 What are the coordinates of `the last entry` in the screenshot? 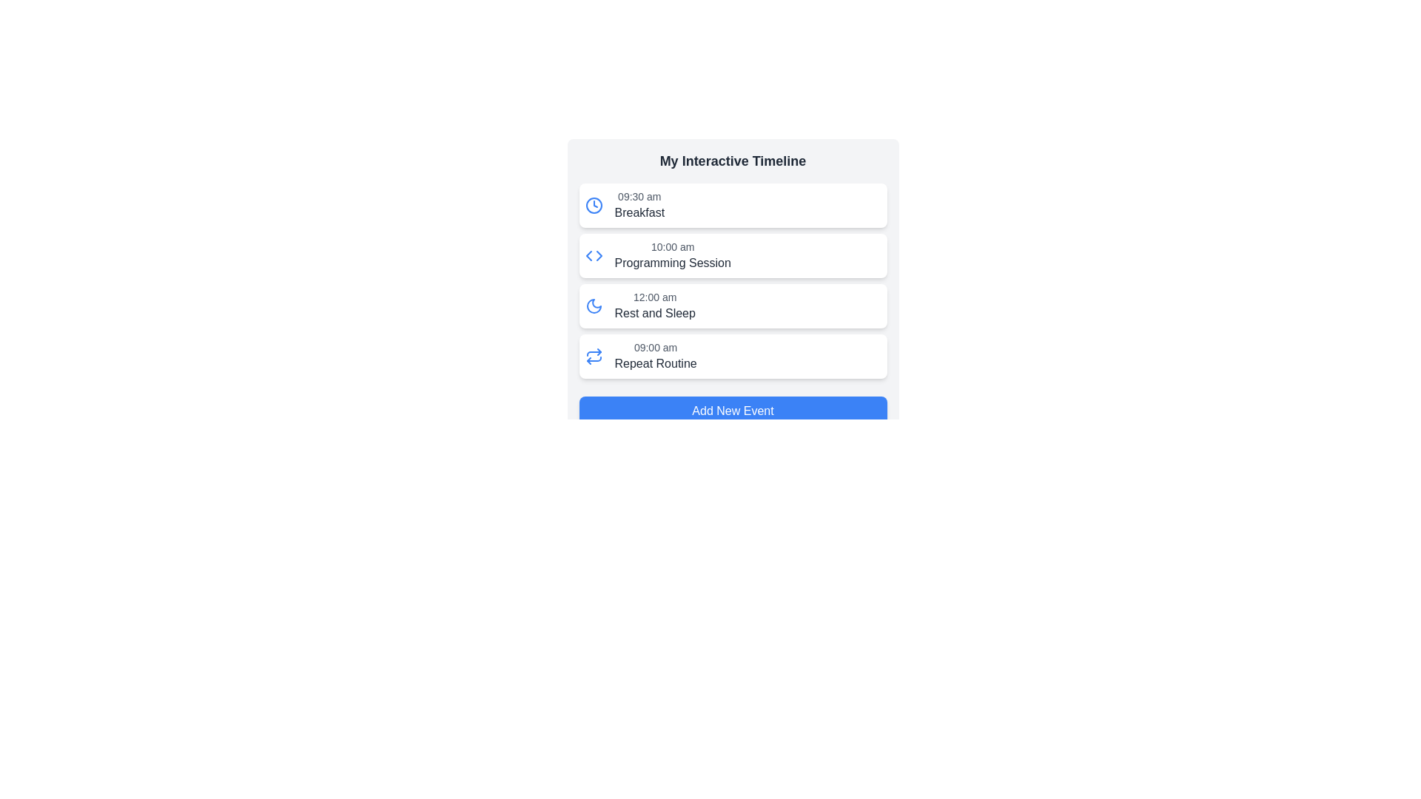 It's located at (640, 357).